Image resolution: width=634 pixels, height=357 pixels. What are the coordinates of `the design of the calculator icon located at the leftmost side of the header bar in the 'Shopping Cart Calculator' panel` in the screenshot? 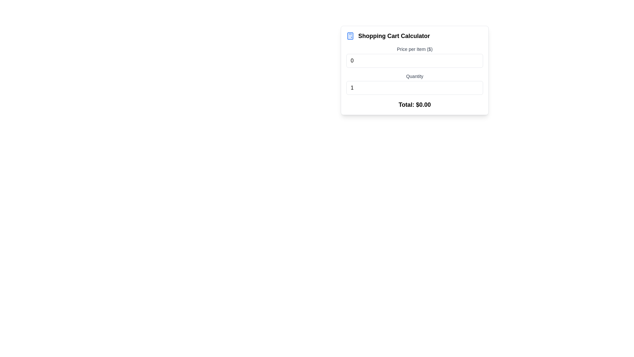 It's located at (350, 36).